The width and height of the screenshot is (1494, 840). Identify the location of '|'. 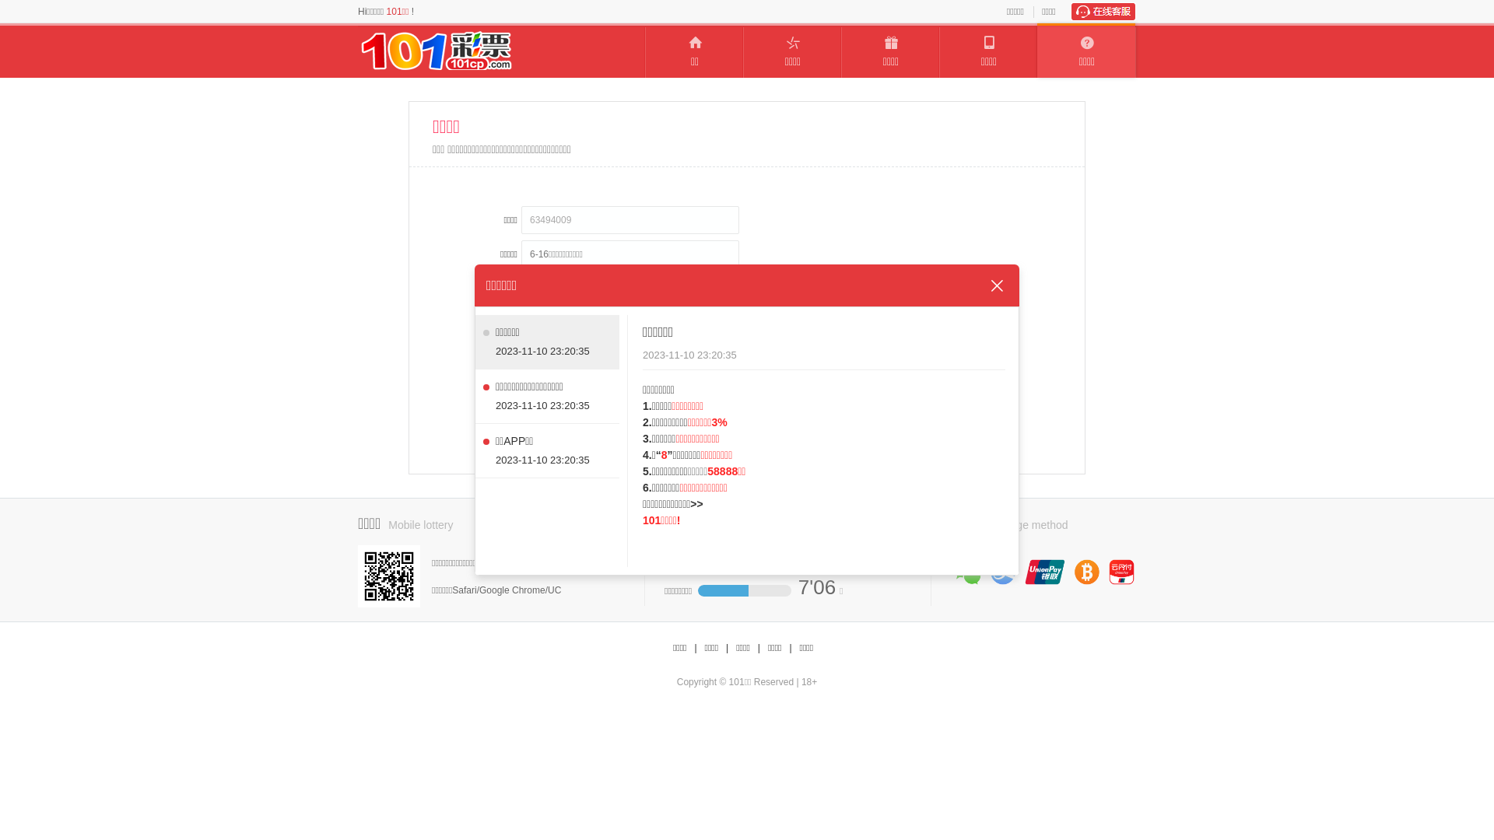
(724, 648).